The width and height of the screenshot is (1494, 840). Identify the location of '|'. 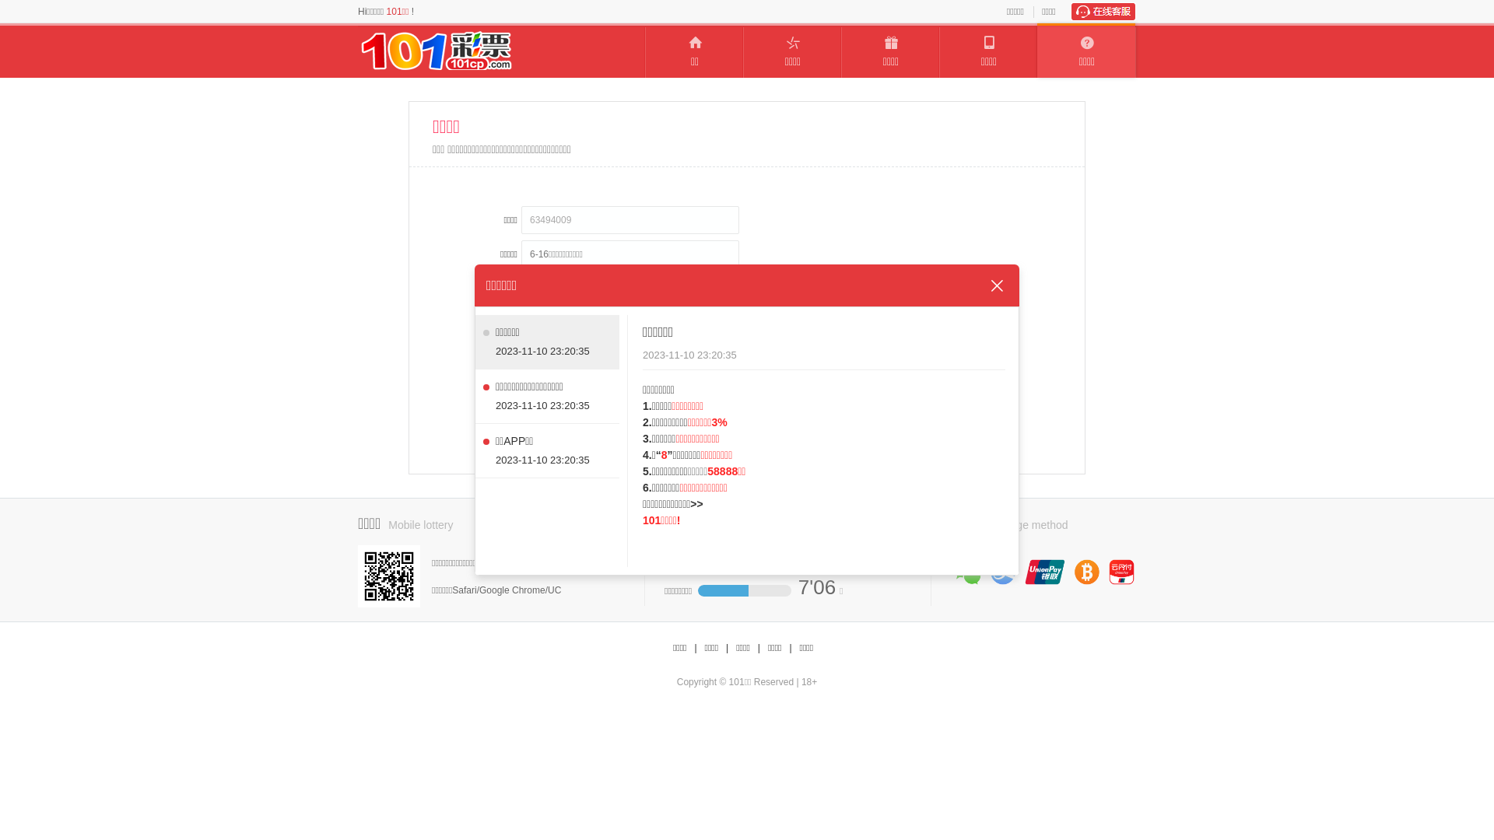
(724, 648).